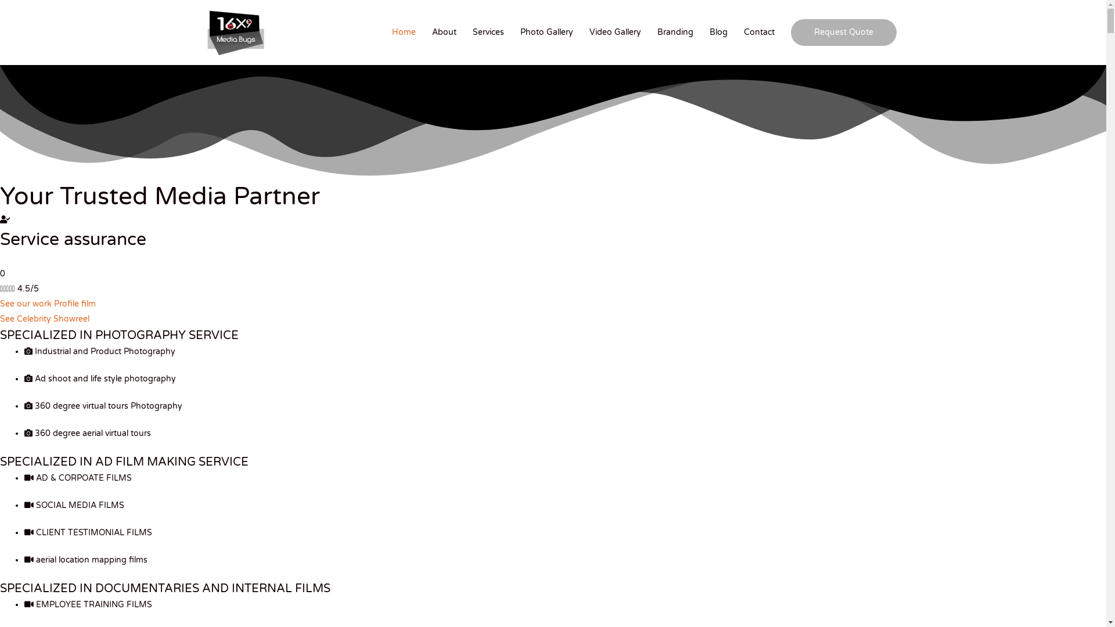  Describe the element at coordinates (44, 319) in the screenshot. I see `'See Celebrity Showreel'` at that location.